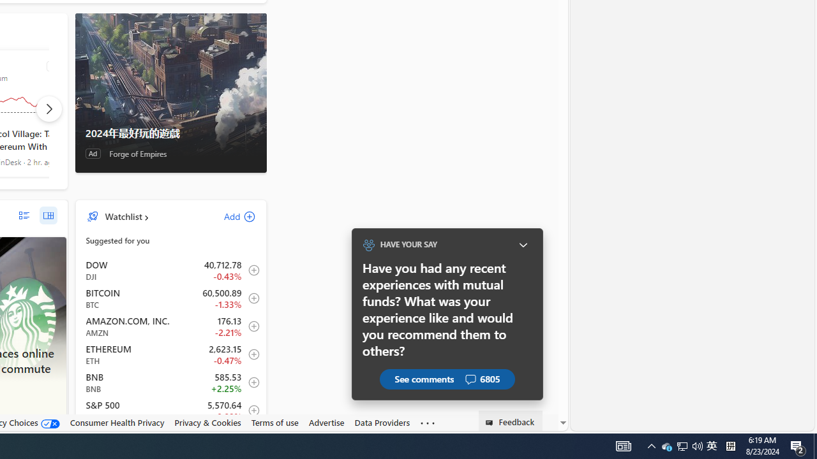 This screenshot has height=459, width=817. Describe the element at coordinates (207, 422) in the screenshot. I see `'Privacy & Cookies'` at that location.